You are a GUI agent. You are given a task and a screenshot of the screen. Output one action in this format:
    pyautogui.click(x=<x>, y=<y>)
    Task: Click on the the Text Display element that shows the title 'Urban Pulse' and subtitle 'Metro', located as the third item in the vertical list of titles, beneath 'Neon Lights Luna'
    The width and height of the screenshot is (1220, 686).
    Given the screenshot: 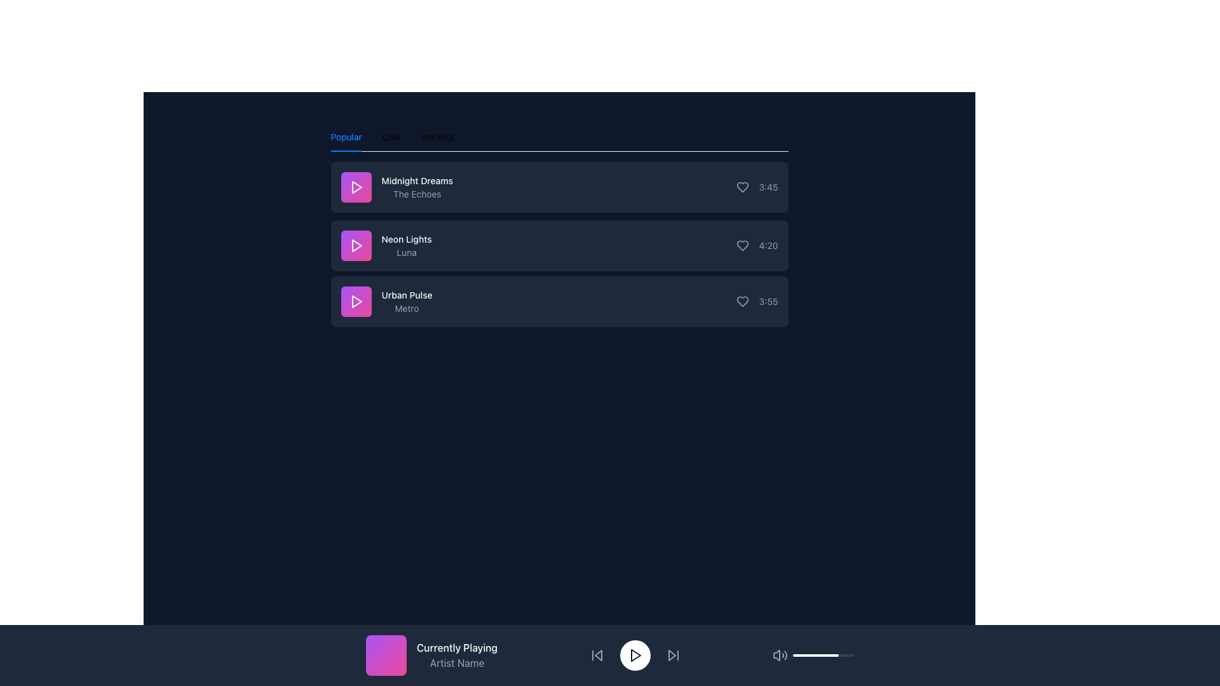 What is the action you would take?
    pyautogui.click(x=407, y=301)
    